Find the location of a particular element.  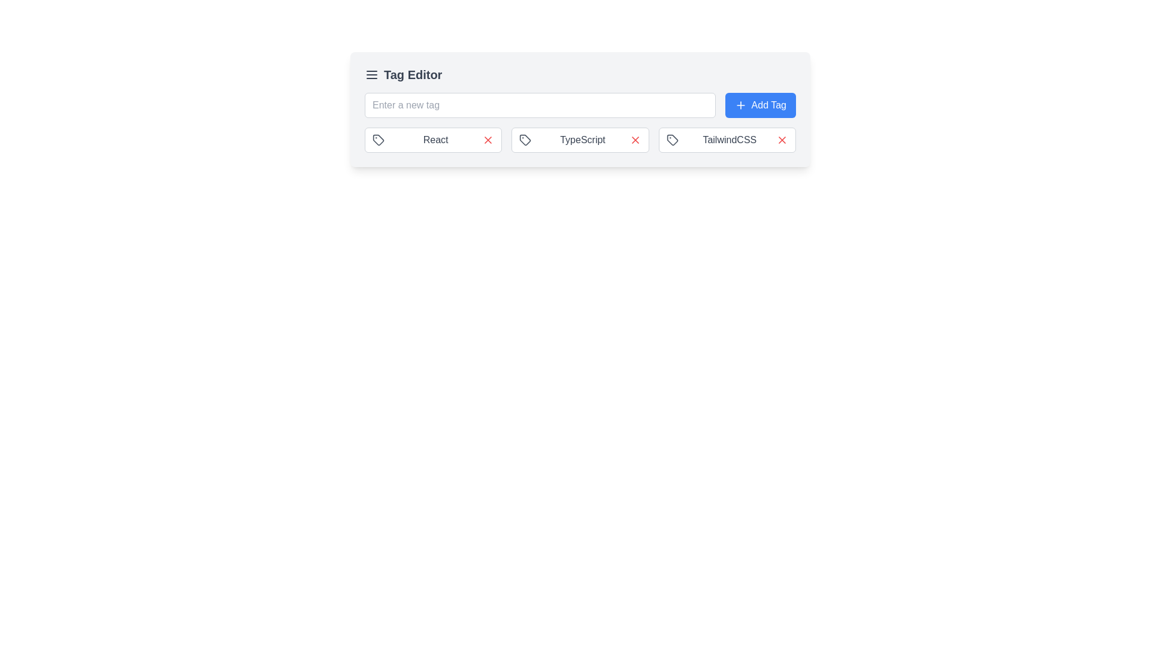

the gray tag icon located to the left of the 'TypeScript' text within the 'Tag Editor' interface is located at coordinates (525, 140).